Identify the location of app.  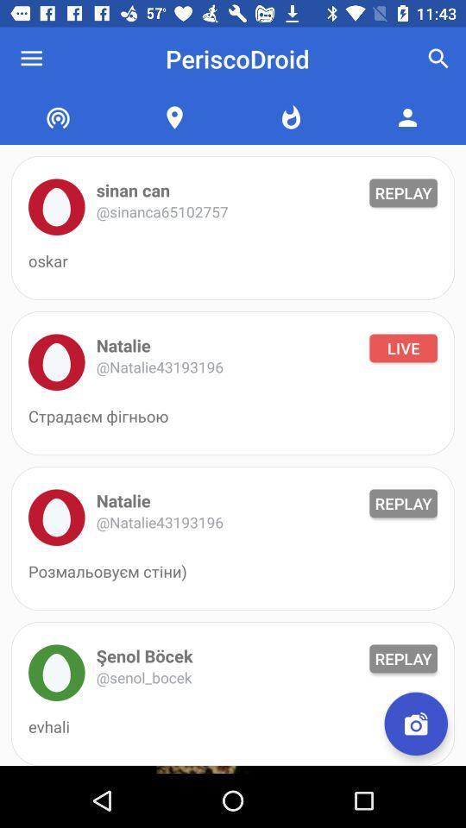
(56, 672).